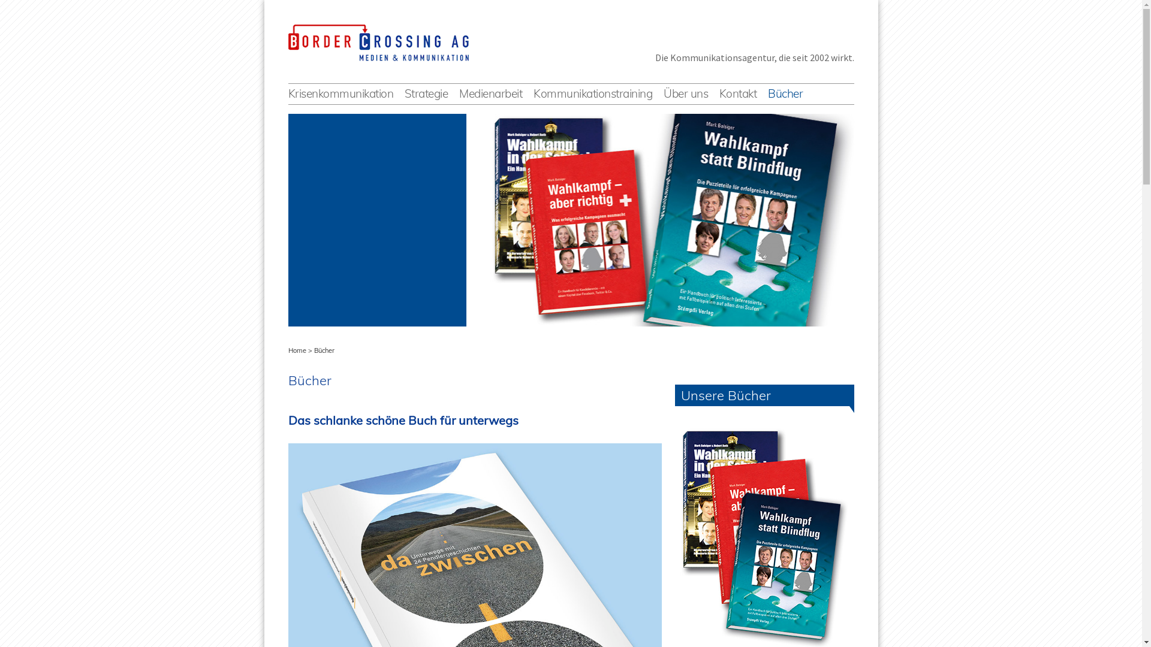  What do you see at coordinates (296, 350) in the screenshot?
I see `'Home'` at bounding box center [296, 350].